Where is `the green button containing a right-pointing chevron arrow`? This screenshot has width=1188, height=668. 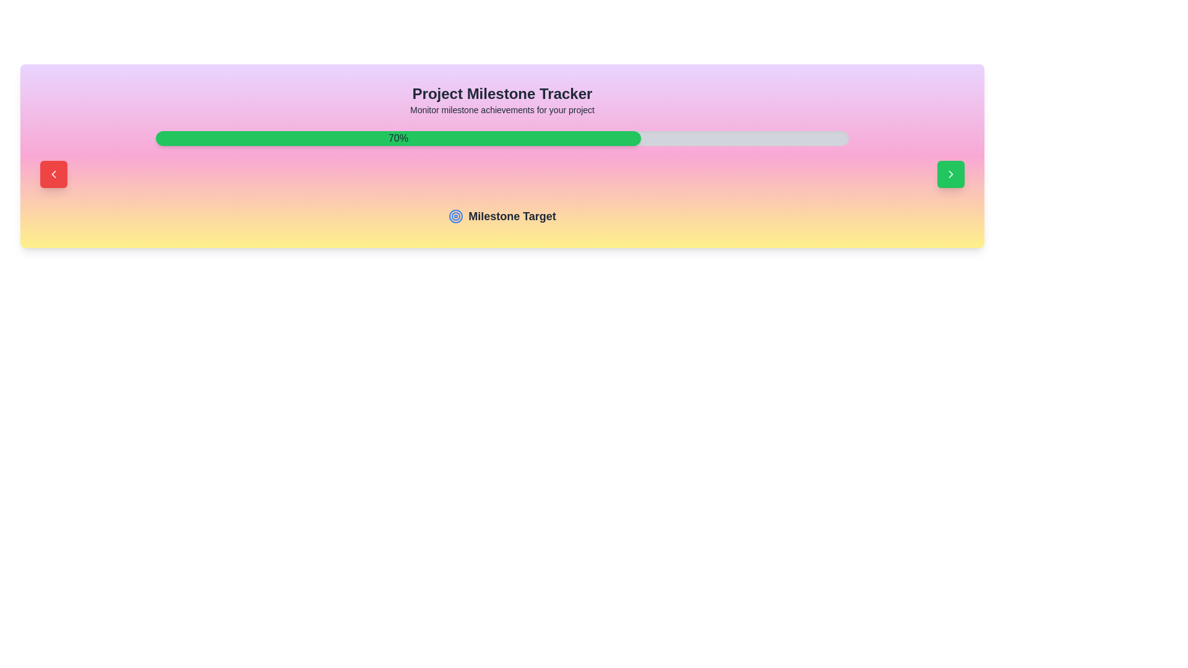 the green button containing a right-pointing chevron arrow is located at coordinates (950, 174).